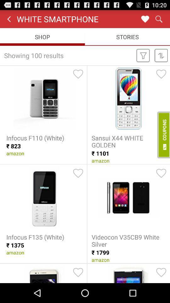 This screenshot has width=170, height=303. What do you see at coordinates (163, 135) in the screenshot?
I see `coupons` at bounding box center [163, 135].